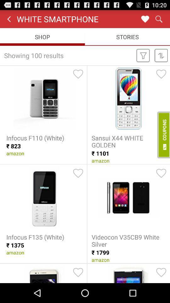 This screenshot has width=170, height=303. What do you see at coordinates (163, 135) in the screenshot?
I see `coupons` at bounding box center [163, 135].